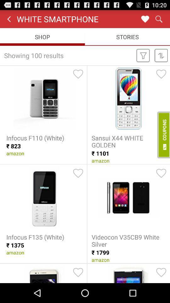 This screenshot has width=170, height=303. What do you see at coordinates (163, 135) in the screenshot?
I see `coupons` at bounding box center [163, 135].